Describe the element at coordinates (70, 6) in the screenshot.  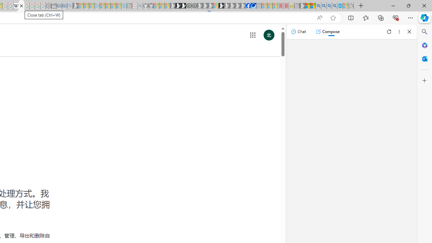
I see `'Bing Real Estate - Home sales and rental listings - Sleeping'` at that location.